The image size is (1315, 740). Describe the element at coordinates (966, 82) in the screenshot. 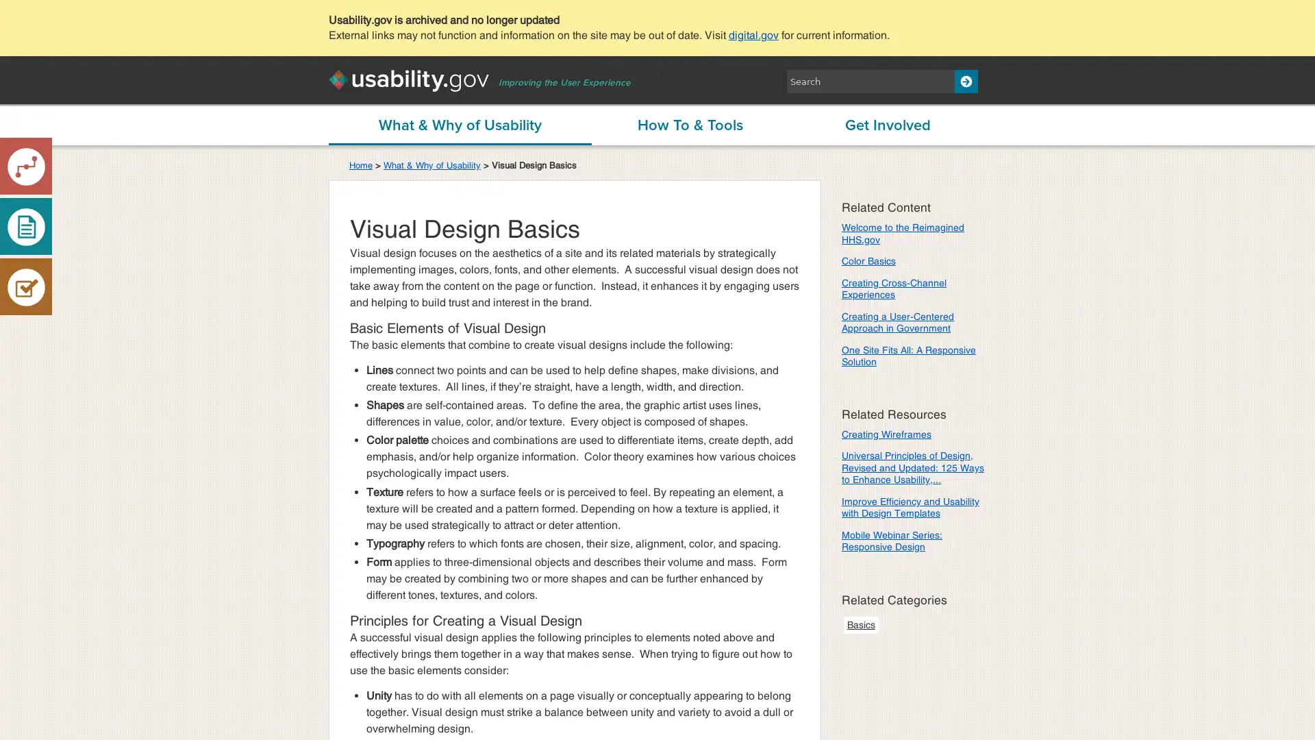

I see `Search` at that location.